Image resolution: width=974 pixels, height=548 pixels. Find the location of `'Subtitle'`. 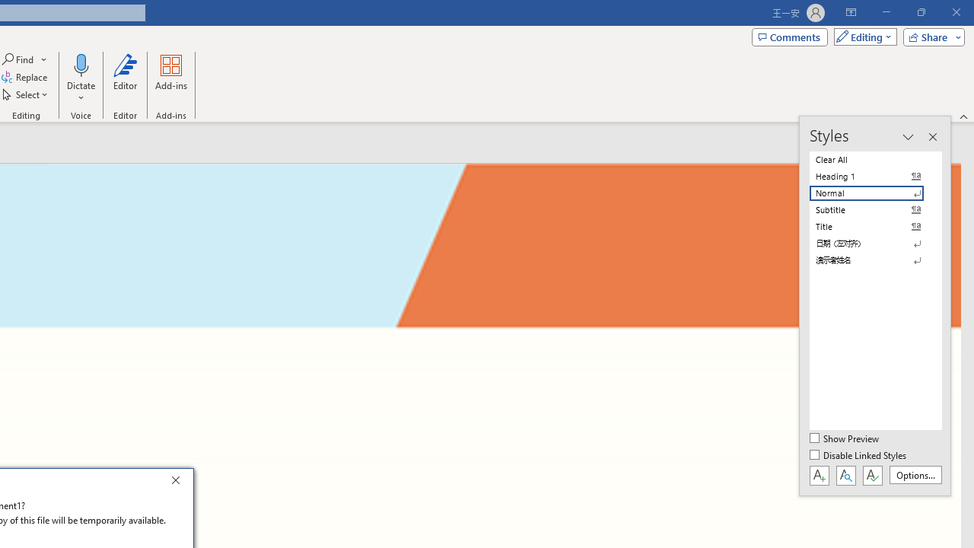

'Subtitle' is located at coordinates (875, 210).